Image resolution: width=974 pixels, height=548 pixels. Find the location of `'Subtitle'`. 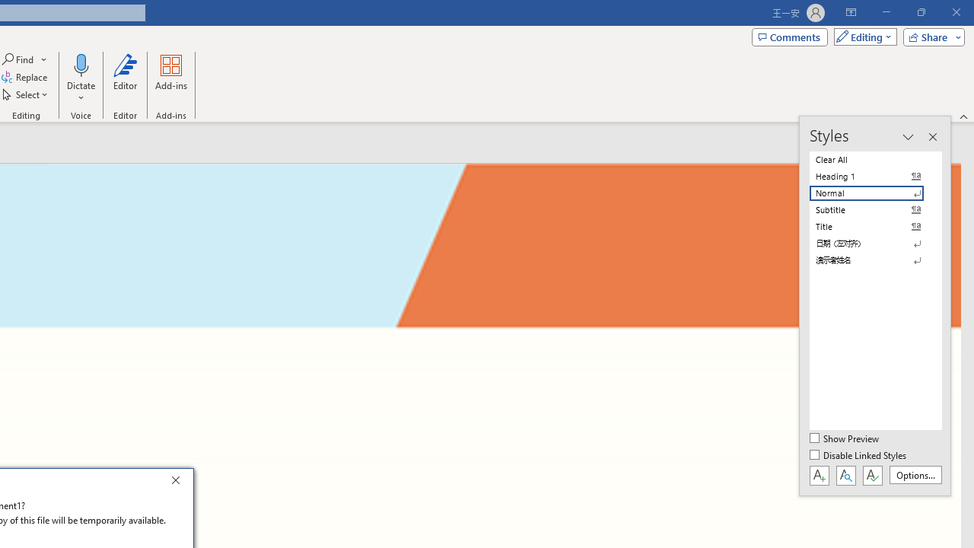

'Subtitle' is located at coordinates (875, 210).